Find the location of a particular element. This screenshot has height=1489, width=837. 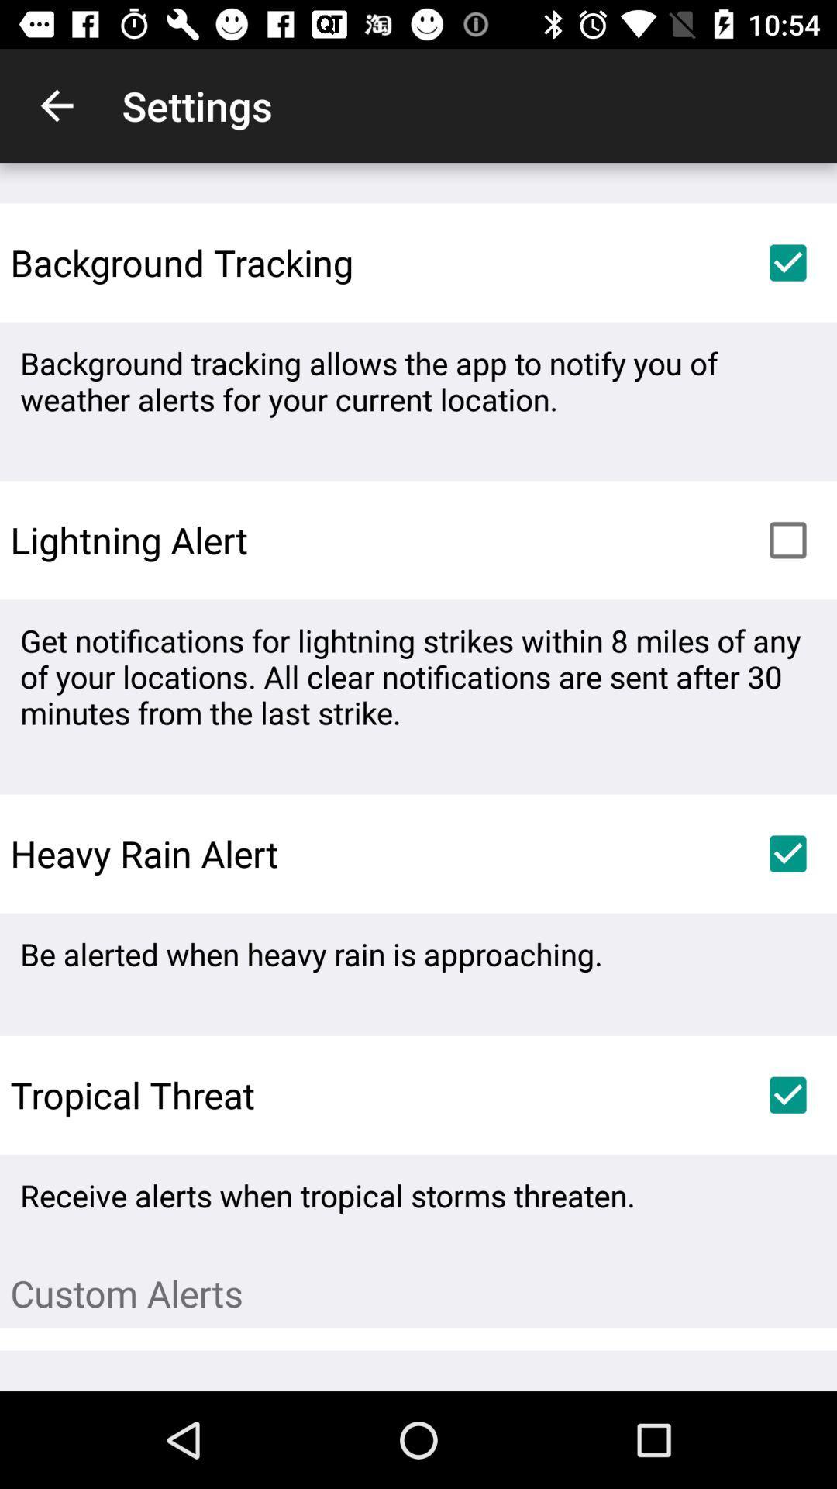

tropical threat icon is located at coordinates (126, 1093).